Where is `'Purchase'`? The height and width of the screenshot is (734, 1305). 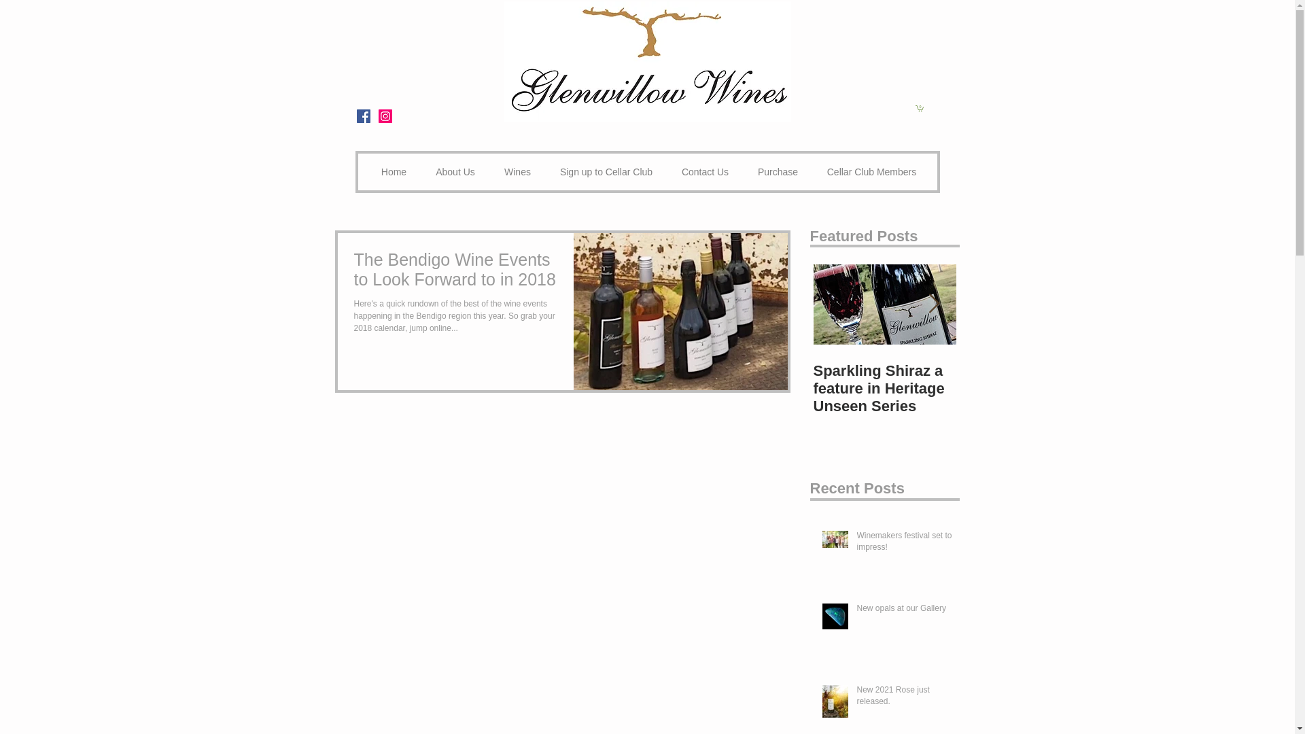
'Purchase' is located at coordinates (778, 171).